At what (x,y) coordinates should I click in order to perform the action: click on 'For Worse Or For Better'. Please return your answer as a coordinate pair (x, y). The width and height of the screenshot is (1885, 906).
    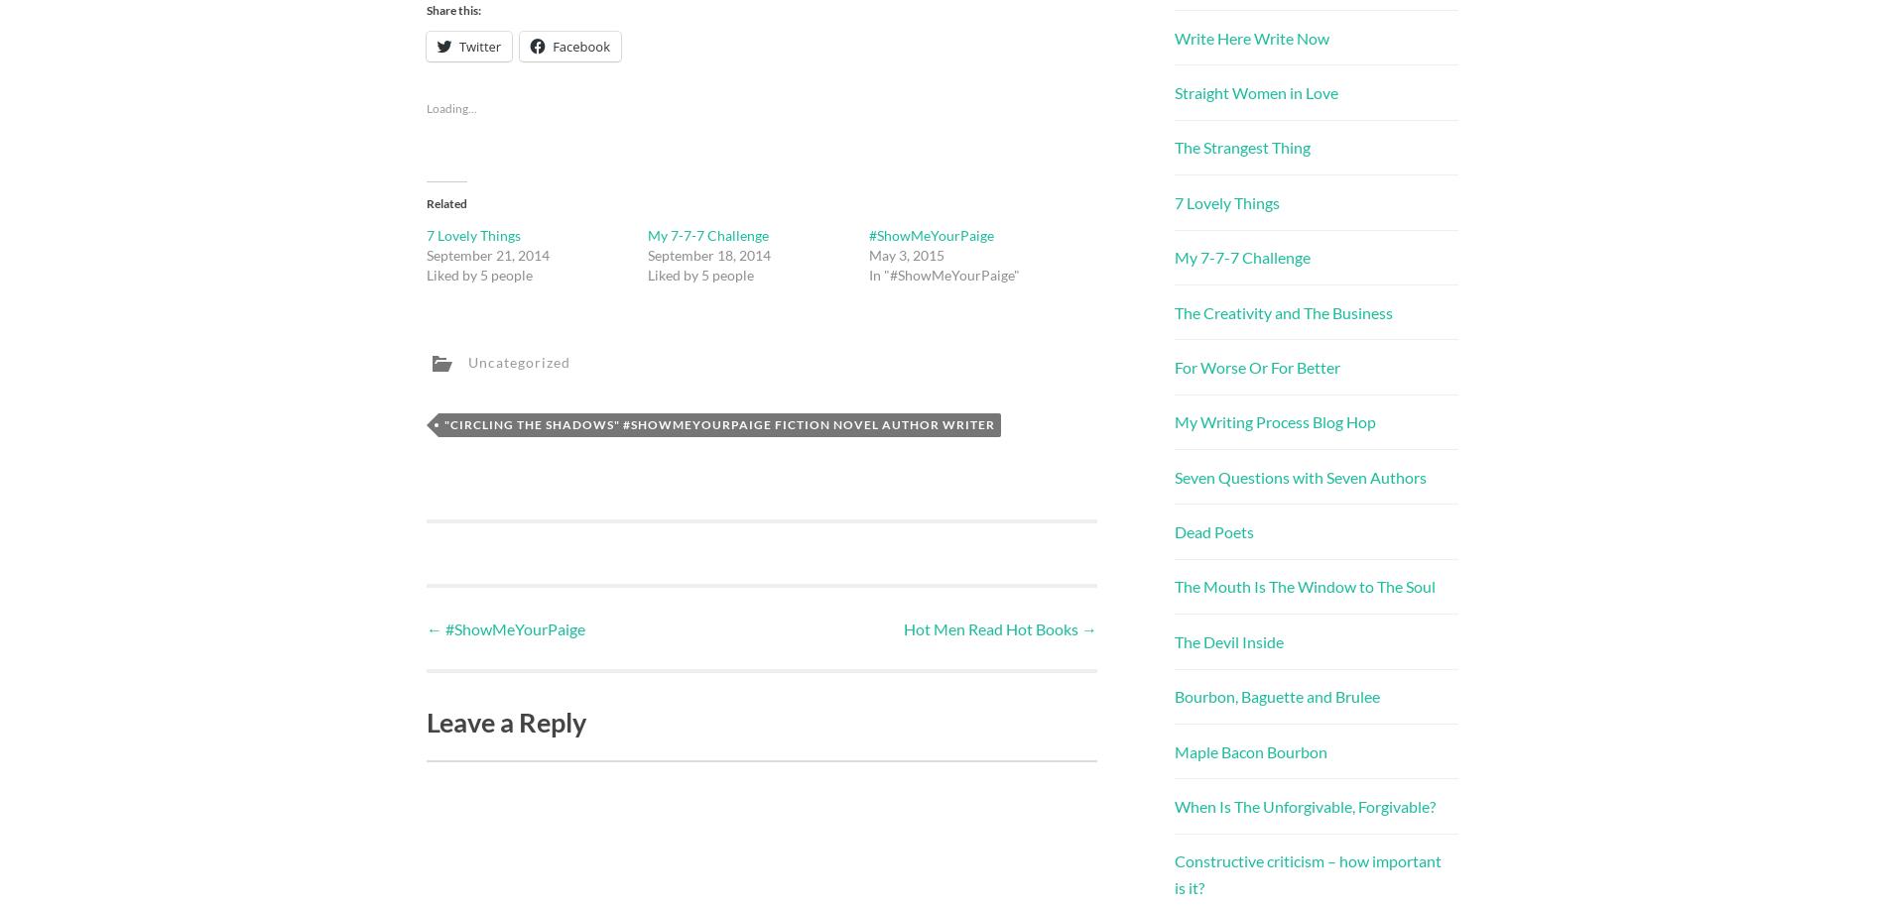
    Looking at the image, I should click on (1256, 366).